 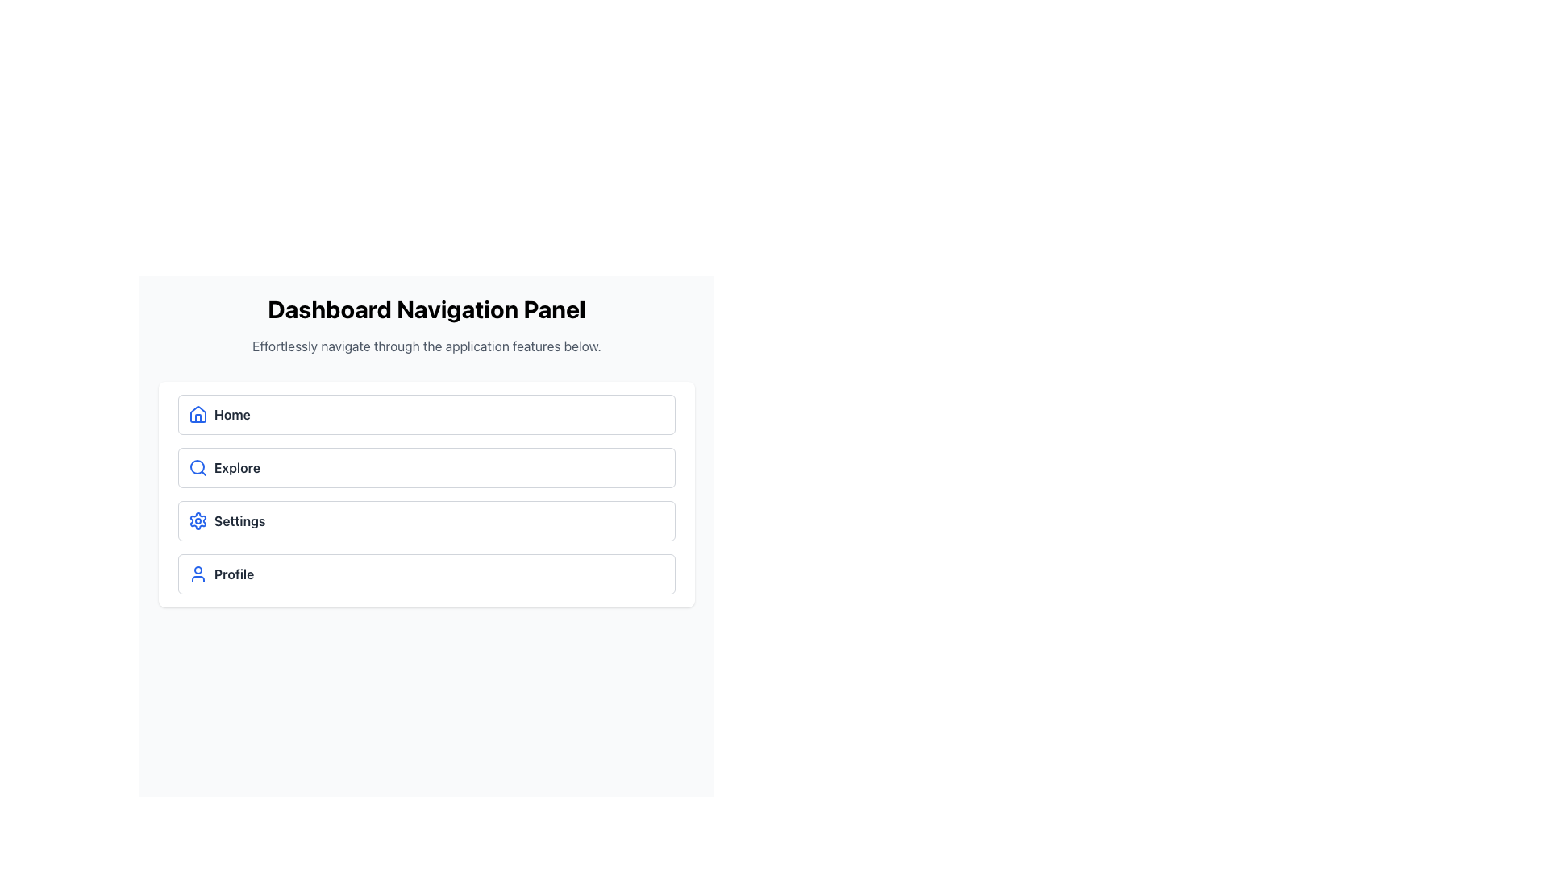 I want to click on the 'Settings' text label, which is the descriptive label for the 'Settings' button located in a vertical navigation list, so click(x=239, y=521).